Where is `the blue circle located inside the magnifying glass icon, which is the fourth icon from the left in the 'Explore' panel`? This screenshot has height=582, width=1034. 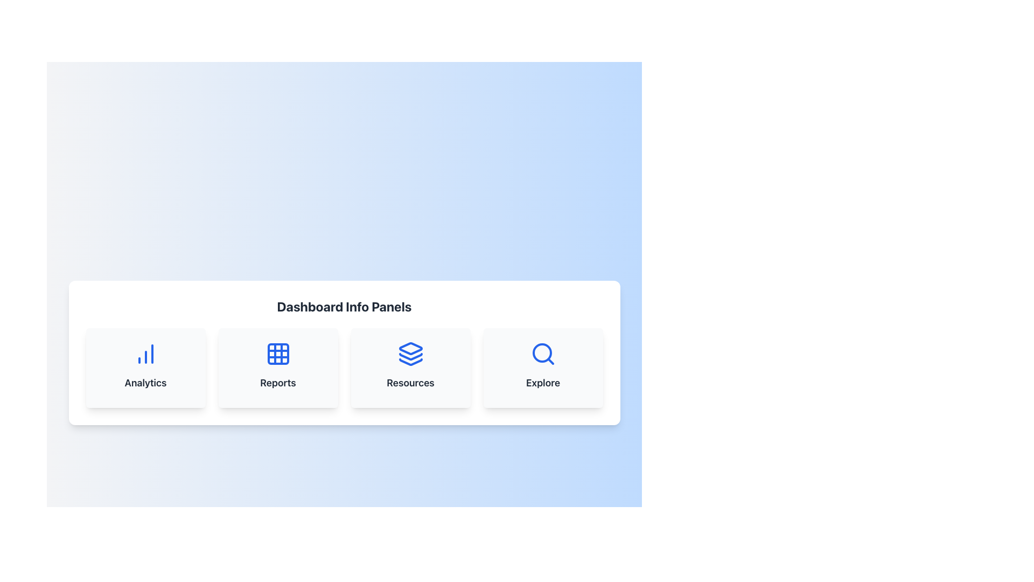
the blue circle located inside the magnifying glass icon, which is the fourth icon from the left in the 'Explore' panel is located at coordinates (542, 353).